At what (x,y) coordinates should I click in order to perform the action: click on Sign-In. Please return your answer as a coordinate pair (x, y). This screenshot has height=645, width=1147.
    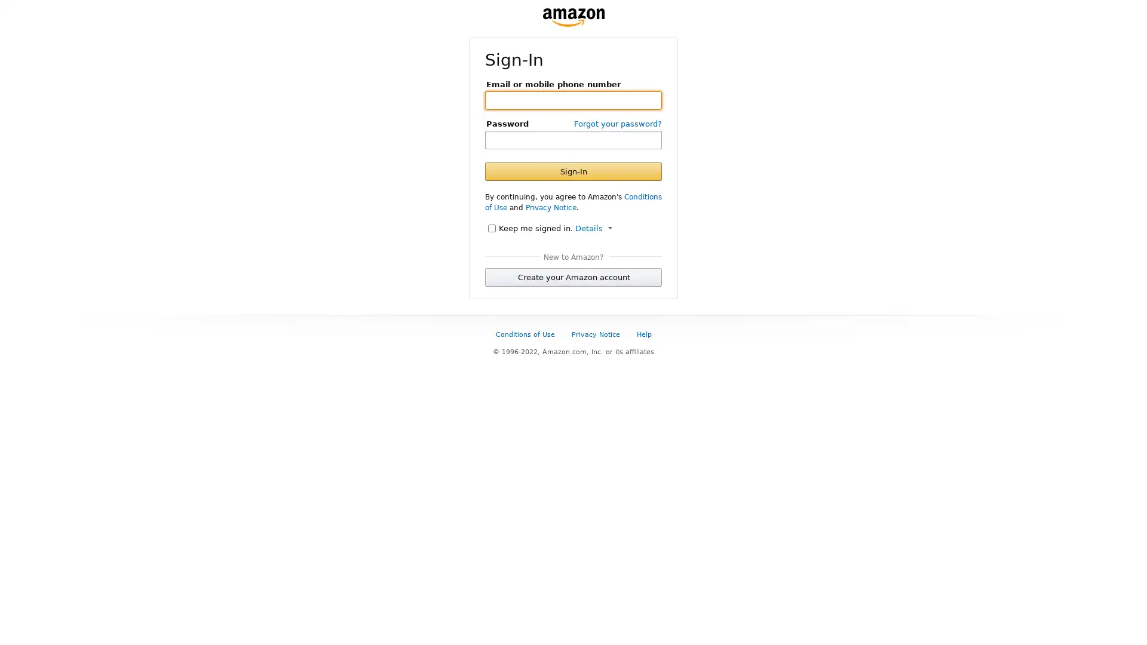
    Looking at the image, I should click on (573, 171).